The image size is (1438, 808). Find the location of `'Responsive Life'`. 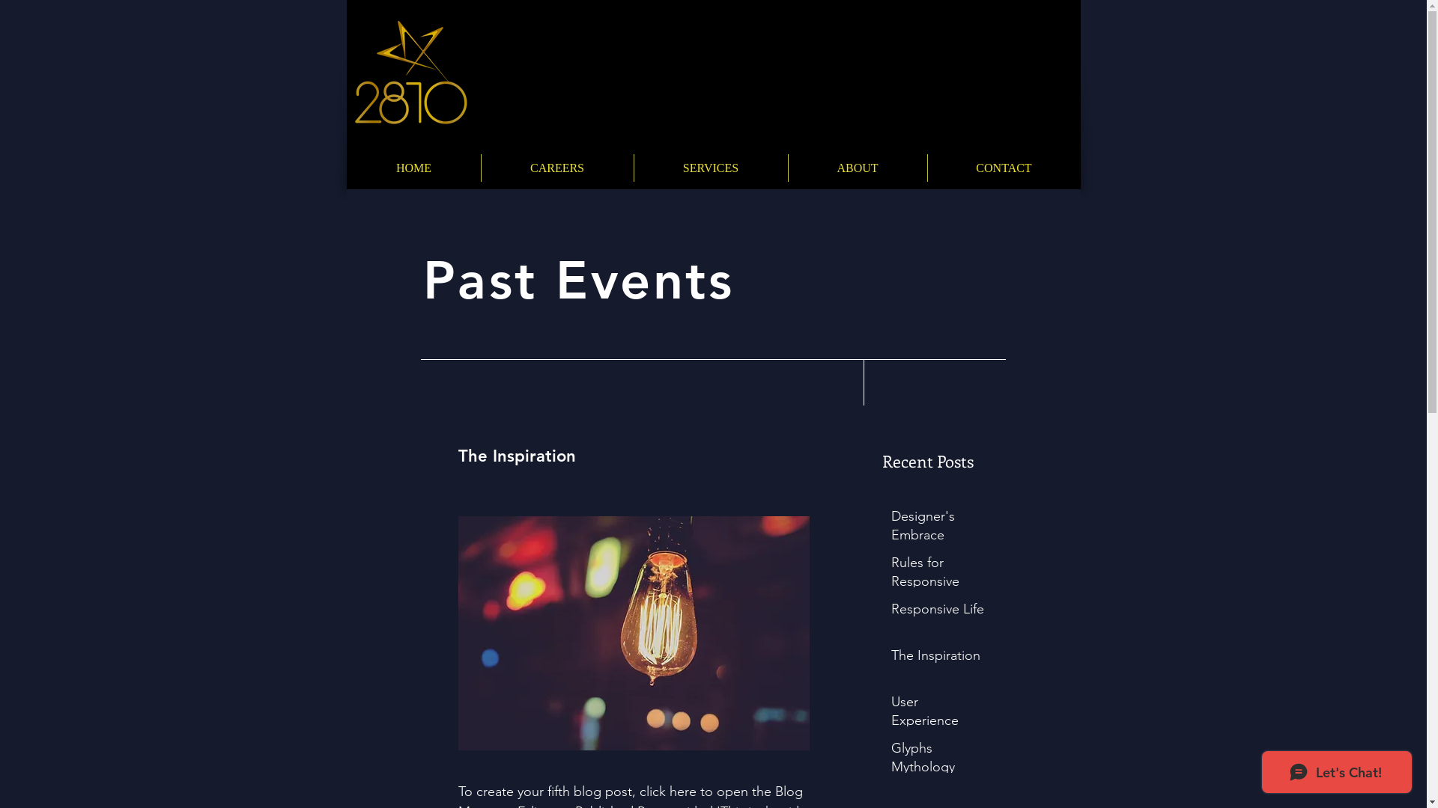

'Responsive Life' is located at coordinates (938, 612).